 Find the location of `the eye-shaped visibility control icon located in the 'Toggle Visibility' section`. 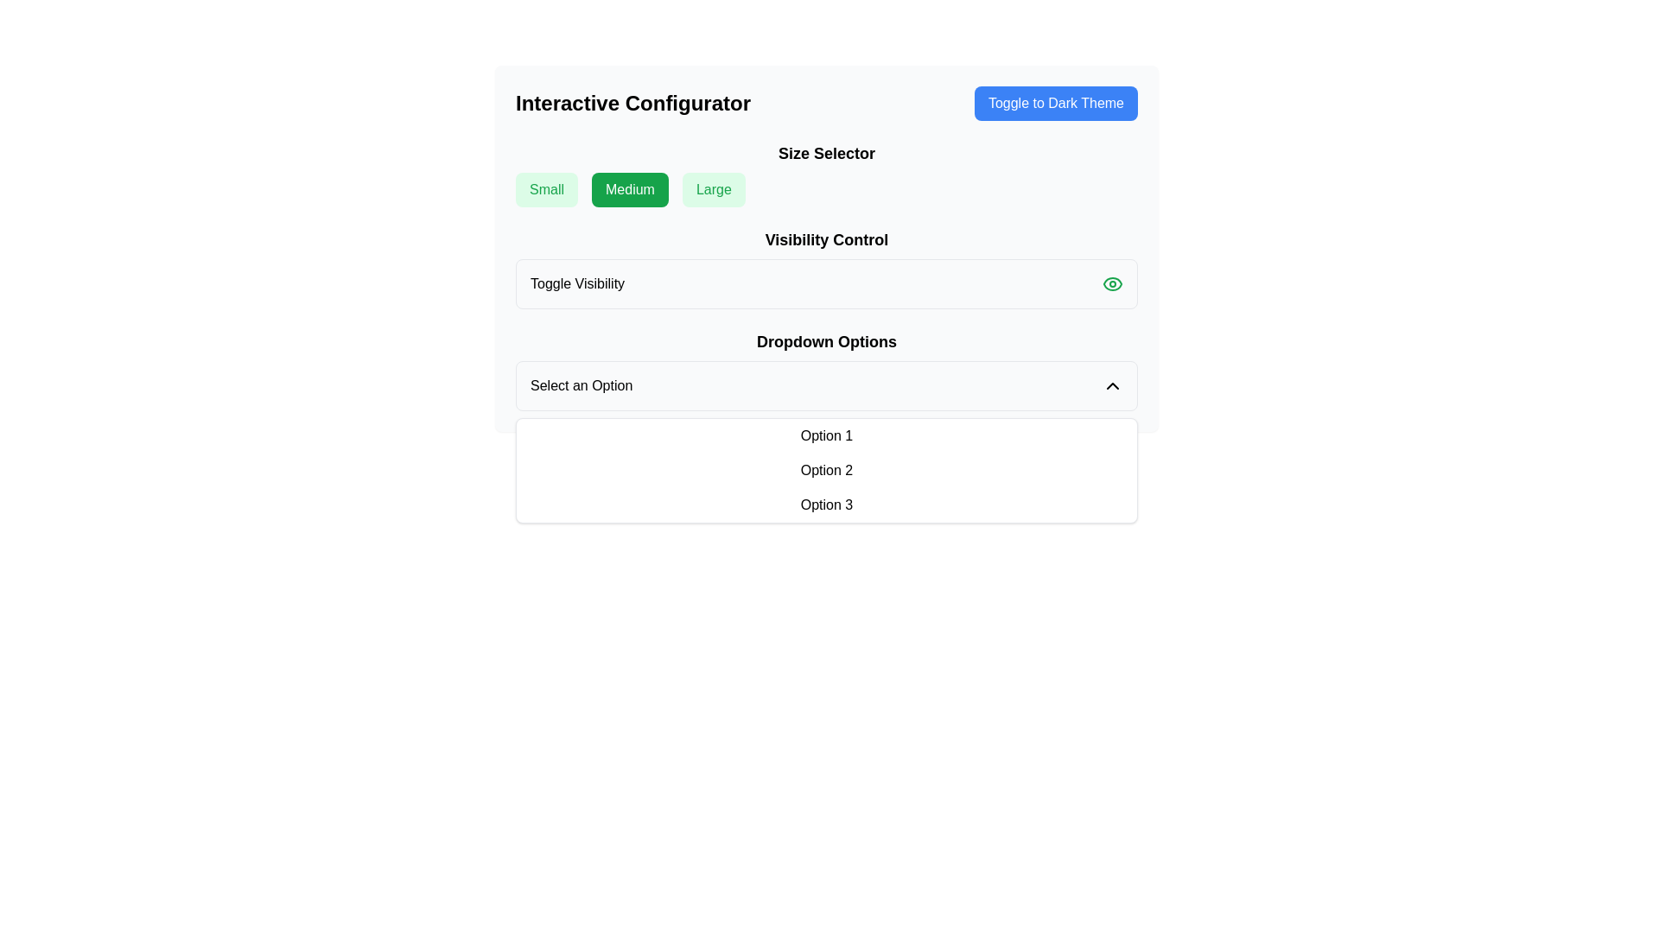

the eye-shaped visibility control icon located in the 'Toggle Visibility' section is located at coordinates (1112, 282).